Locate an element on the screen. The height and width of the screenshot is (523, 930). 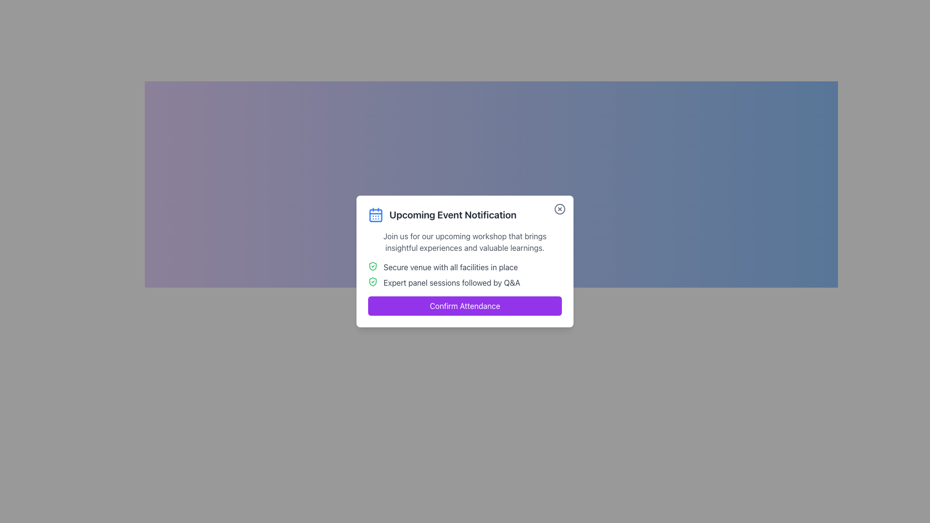
the circular graphical element that is part of the close button located in the upper-right corner of the modal dialog box is located at coordinates (560, 209).